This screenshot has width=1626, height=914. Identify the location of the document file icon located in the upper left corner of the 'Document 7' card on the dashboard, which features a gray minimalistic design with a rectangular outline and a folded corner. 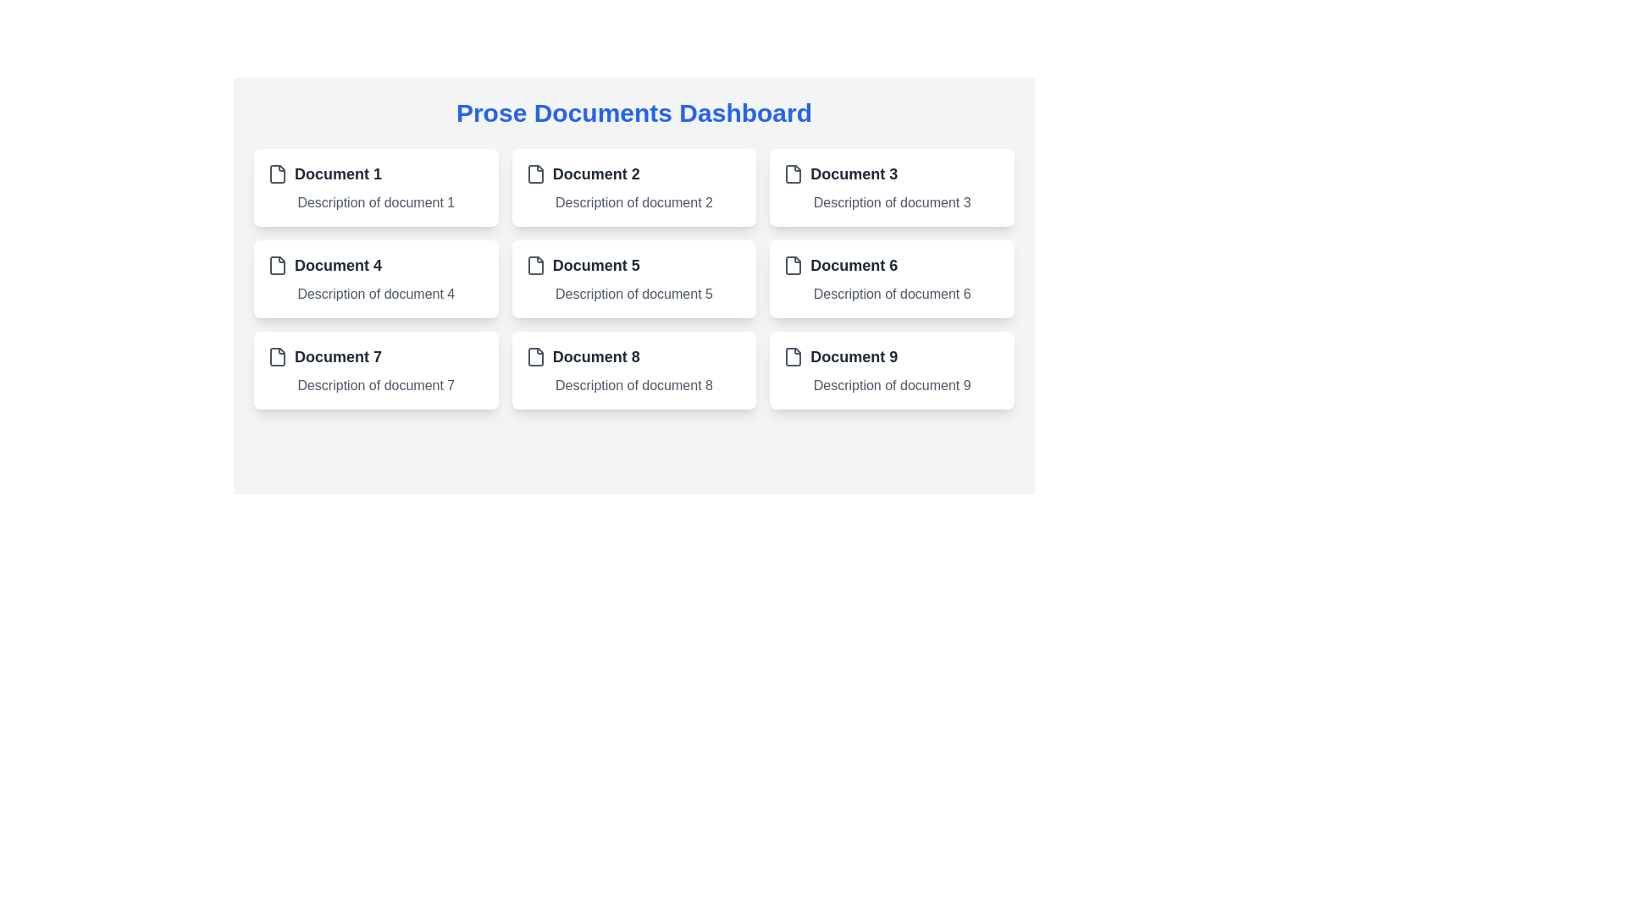
(277, 355).